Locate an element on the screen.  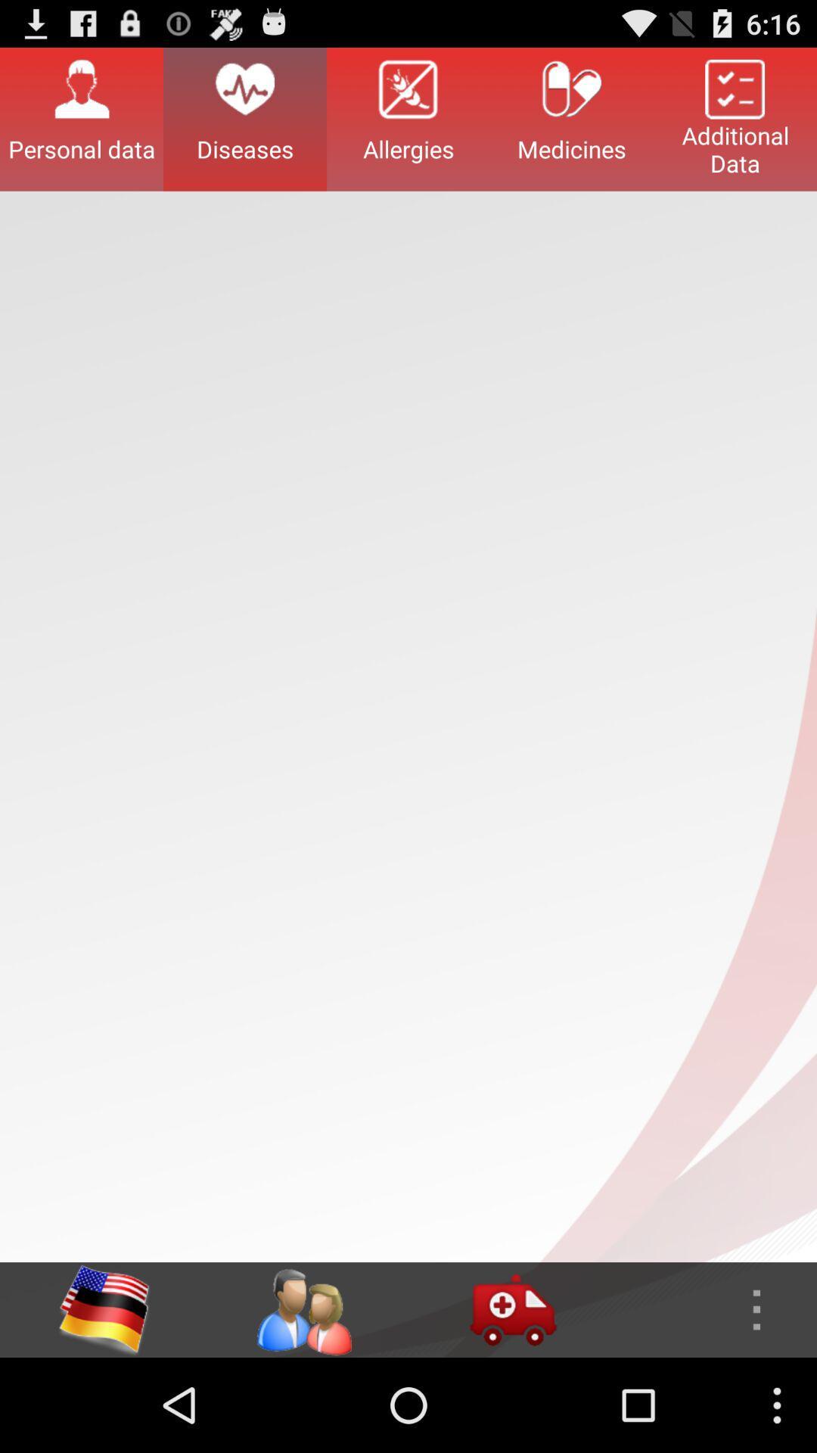
diseases item is located at coordinates (244, 118).